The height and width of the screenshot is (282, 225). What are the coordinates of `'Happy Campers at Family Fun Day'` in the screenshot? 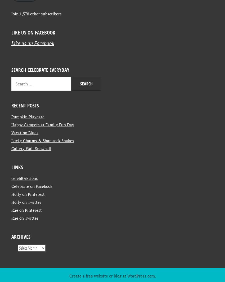 It's located at (42, 170).